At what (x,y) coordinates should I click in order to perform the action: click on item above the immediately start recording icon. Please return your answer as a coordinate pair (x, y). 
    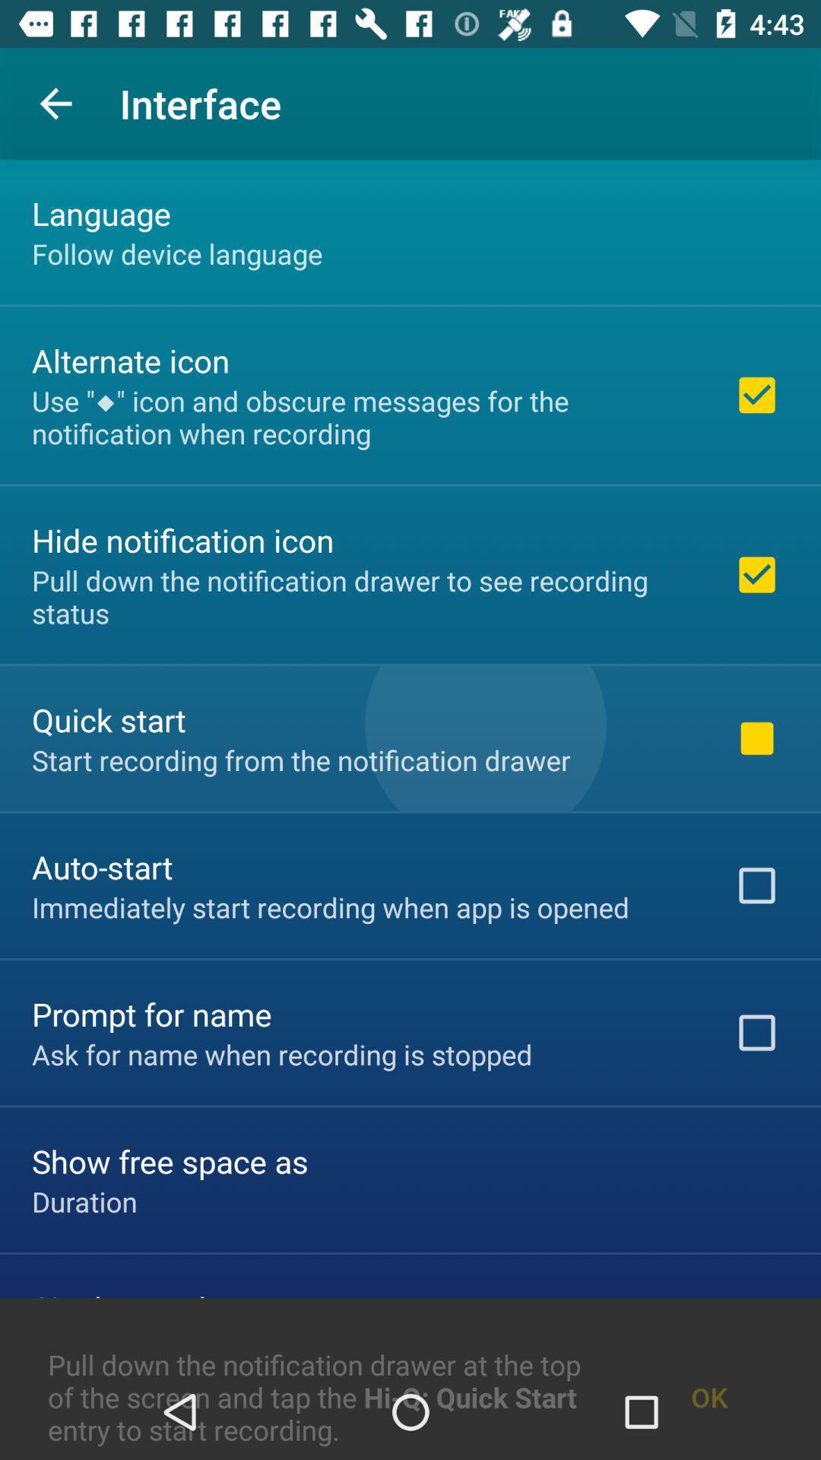
    Looking at the image, I should click on (102, 867).